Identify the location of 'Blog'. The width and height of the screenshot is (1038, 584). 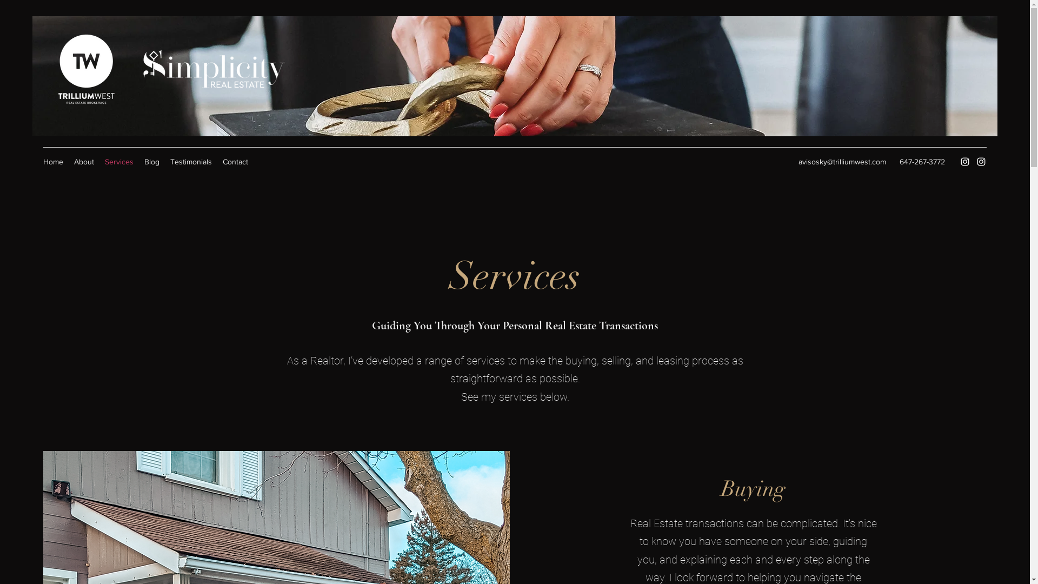
(151, 162).